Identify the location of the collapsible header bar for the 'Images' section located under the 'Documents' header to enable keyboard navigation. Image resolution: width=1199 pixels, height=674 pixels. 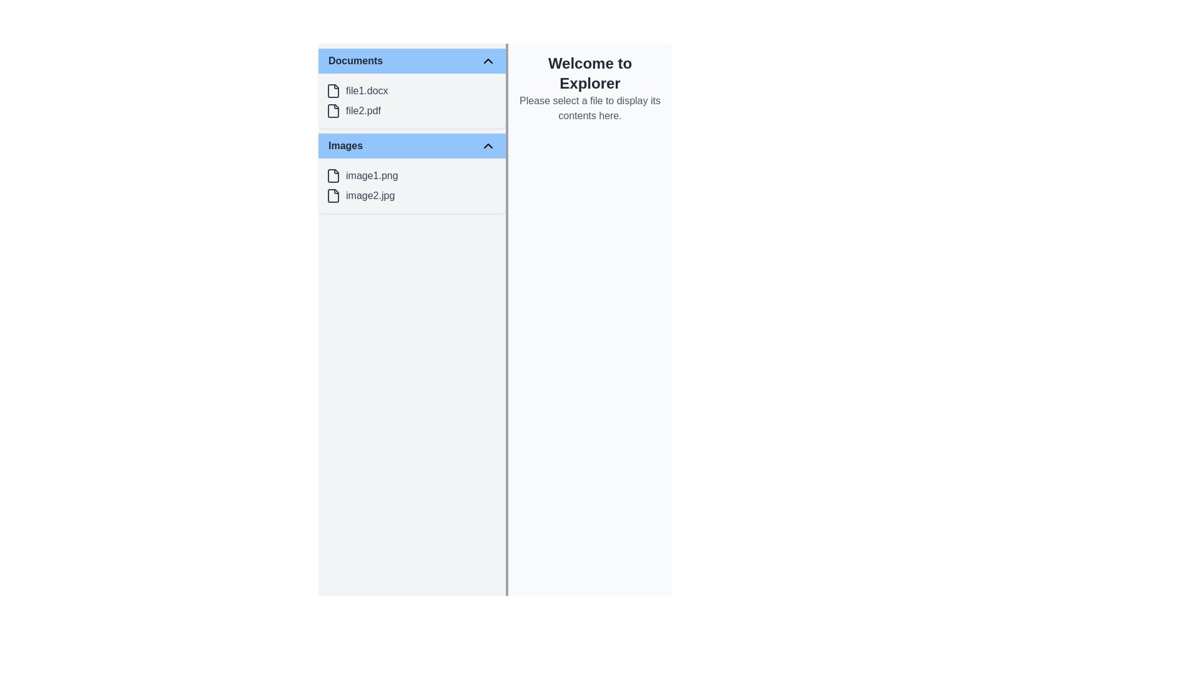
(412, 145).